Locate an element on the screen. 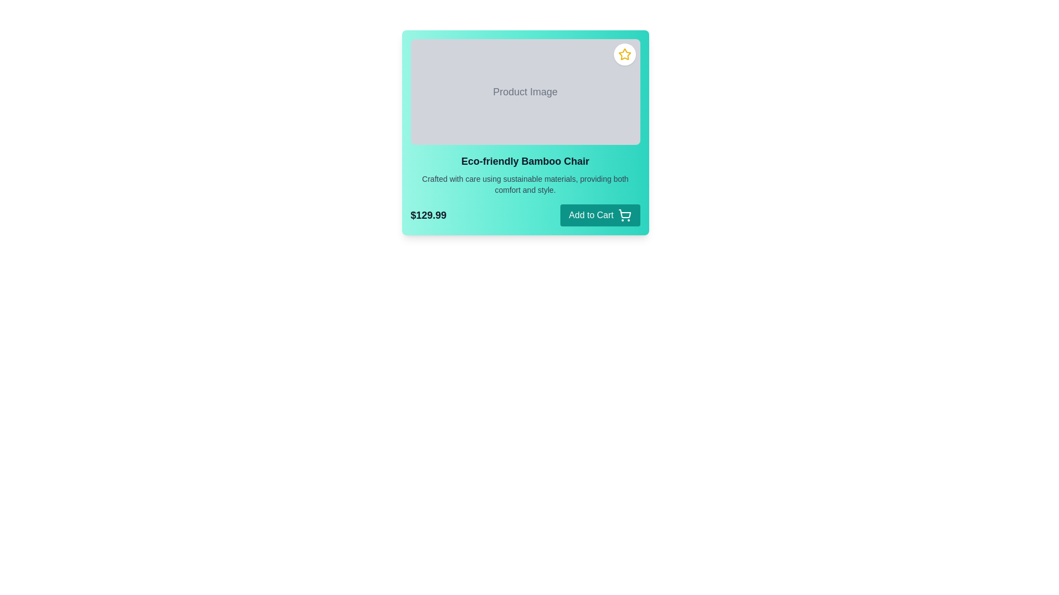 The width and height of the screenshot is (1059, 595). the star icon located in the top-right corner of the product card is located at coordinates (624, 55).